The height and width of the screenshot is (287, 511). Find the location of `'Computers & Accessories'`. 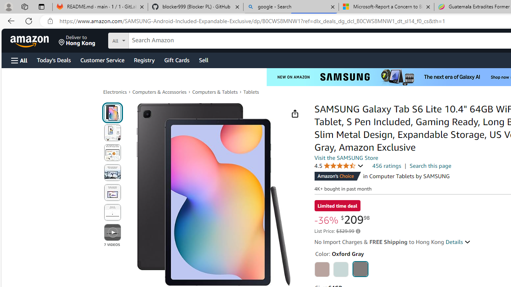

'Computers & Accessories' is located at coordinates (160, 92).